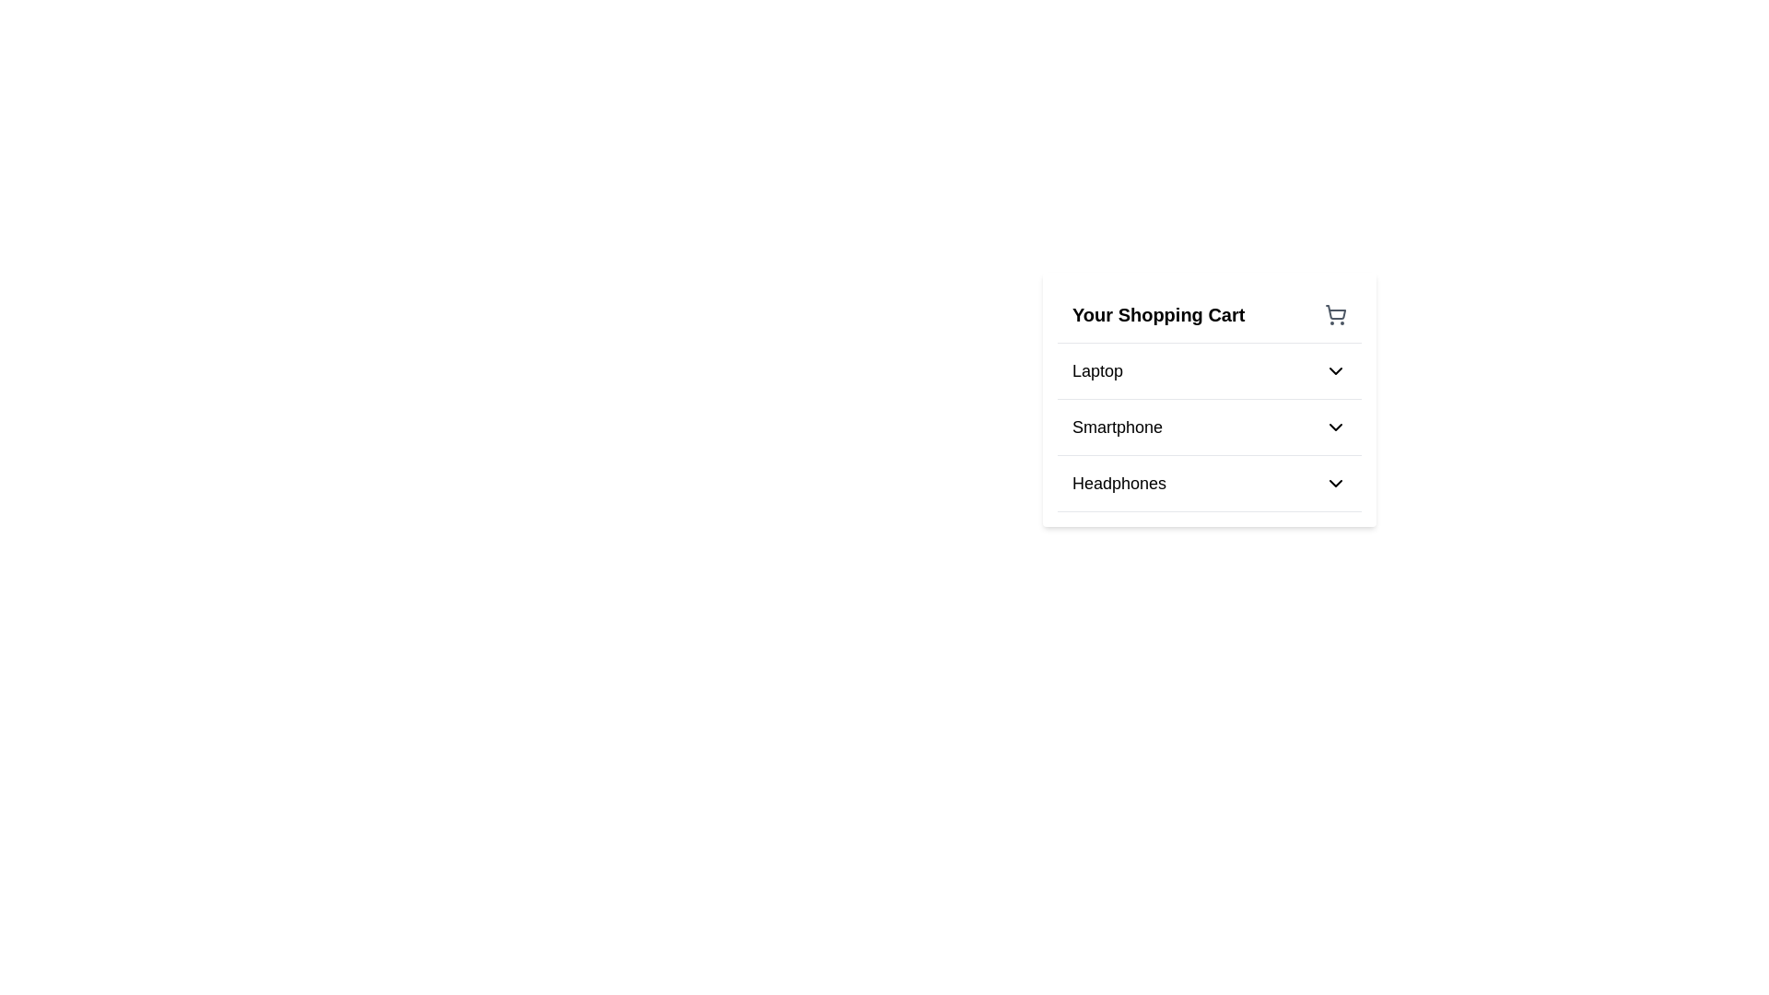 Image resolution: width=1769 pixels, height=995 pixels. Describe the element at coordinates (1118, 482) in the screenshot. I see `the text label representing the product category or section that appears below the item labeled 'Smartphone' in 'Your Shopping Cart.'` at that location.